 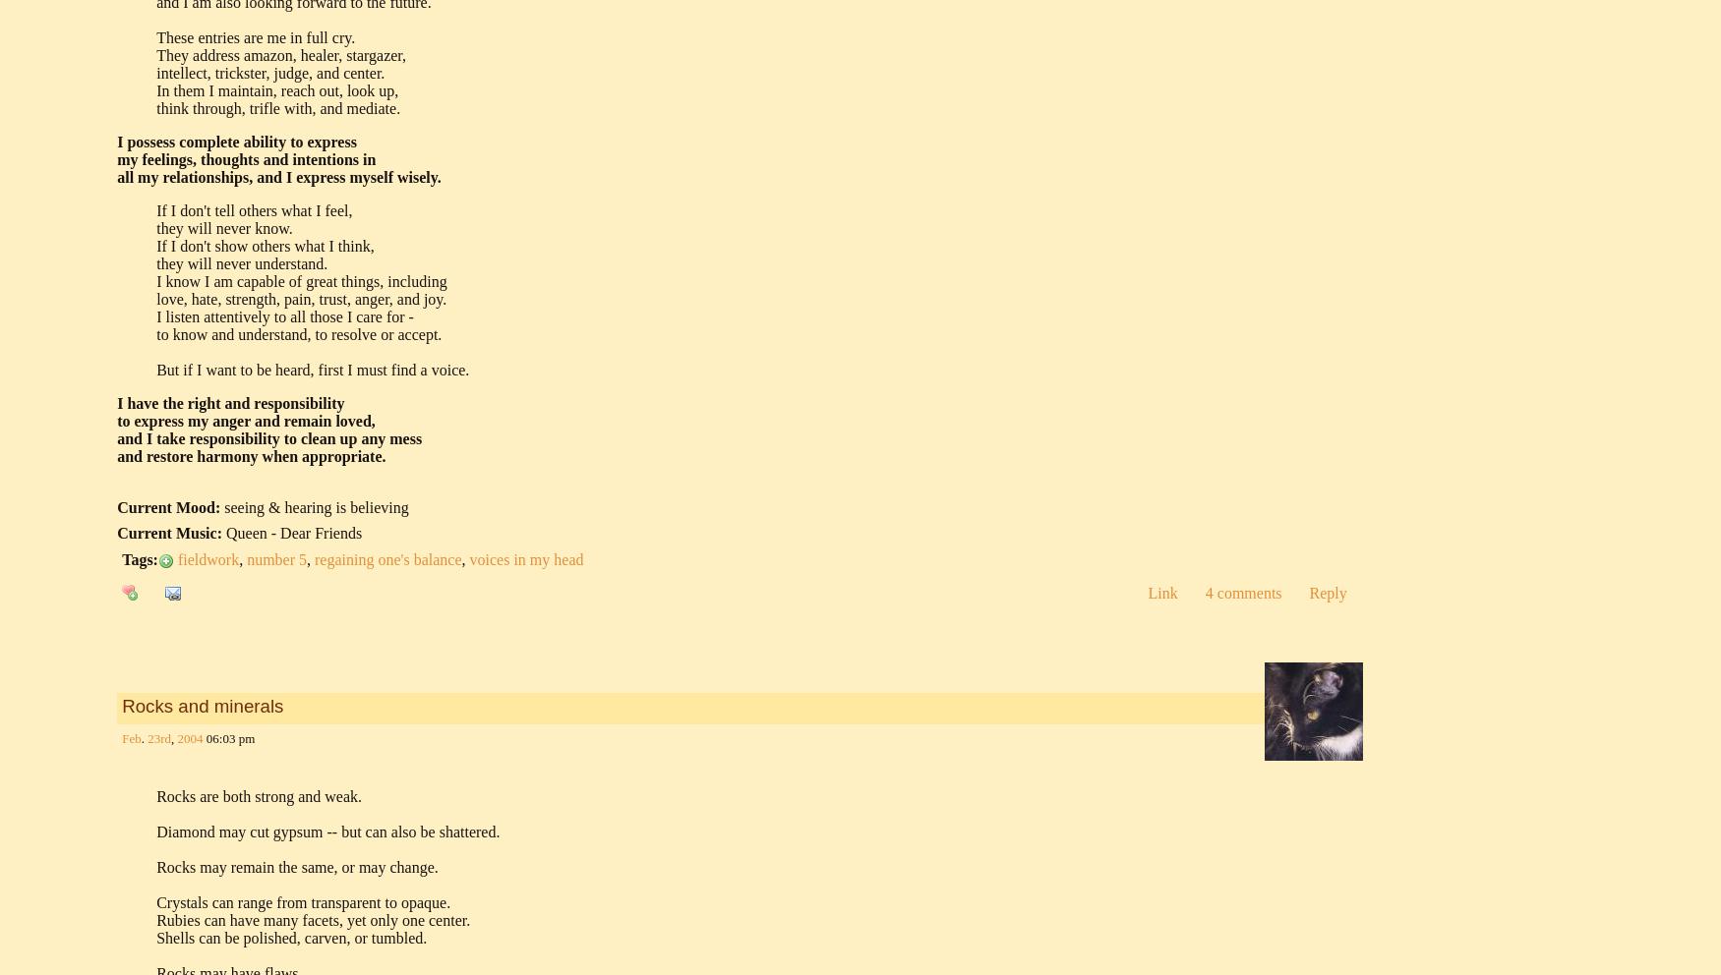 What do you see at coordinates (300, 279) in the screenshot?
I see `'I know I am capable of great things, including'` at bounding box center [300, 279].